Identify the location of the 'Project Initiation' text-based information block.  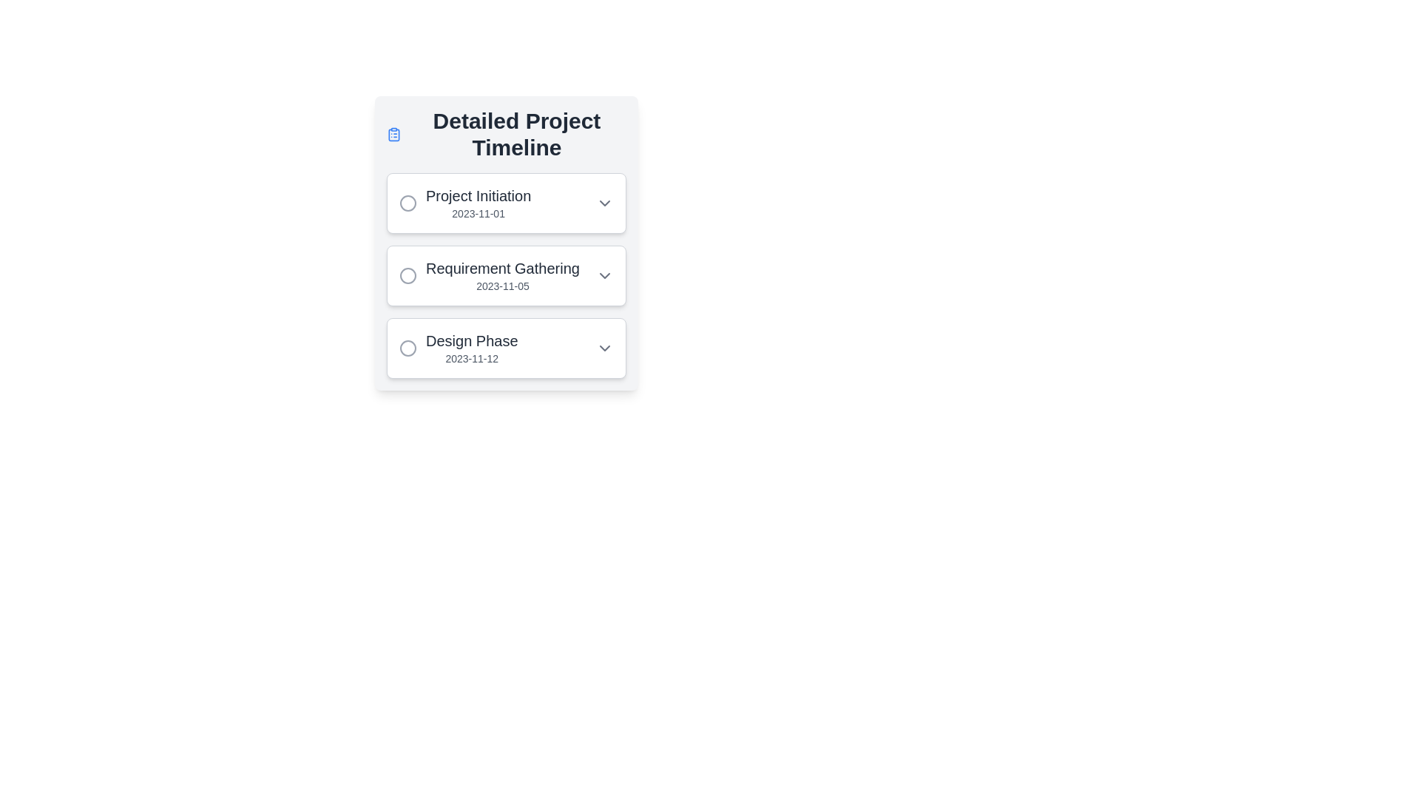
(479, 203).